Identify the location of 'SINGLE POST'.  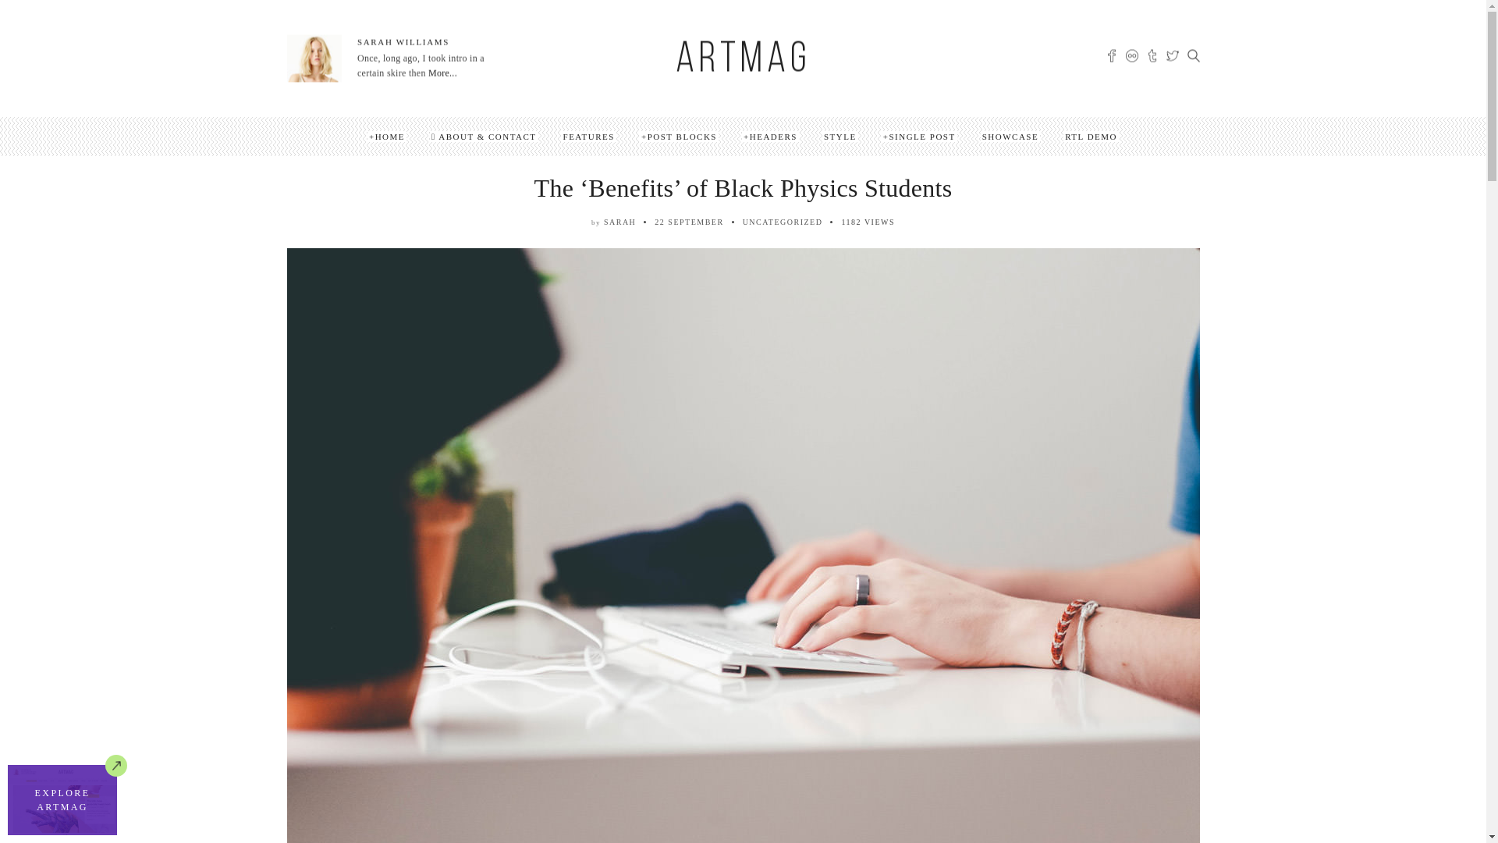
(919, 135).